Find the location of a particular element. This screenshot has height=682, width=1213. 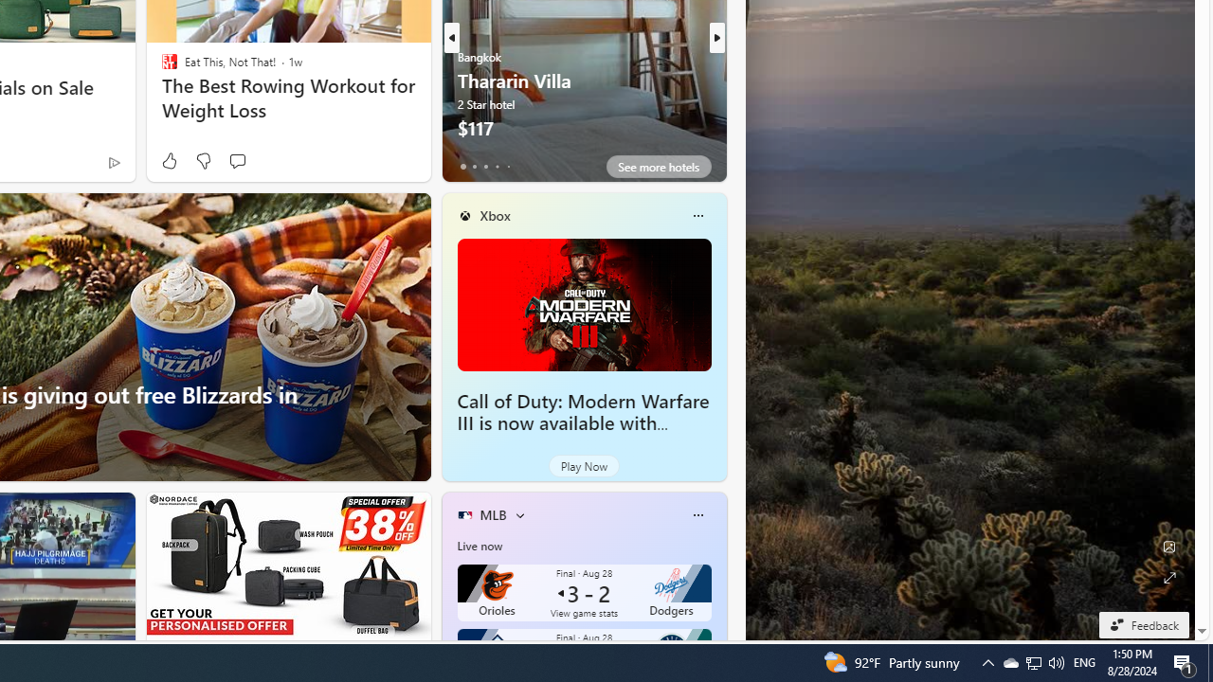

'next' is located at coordinates (715, 37).